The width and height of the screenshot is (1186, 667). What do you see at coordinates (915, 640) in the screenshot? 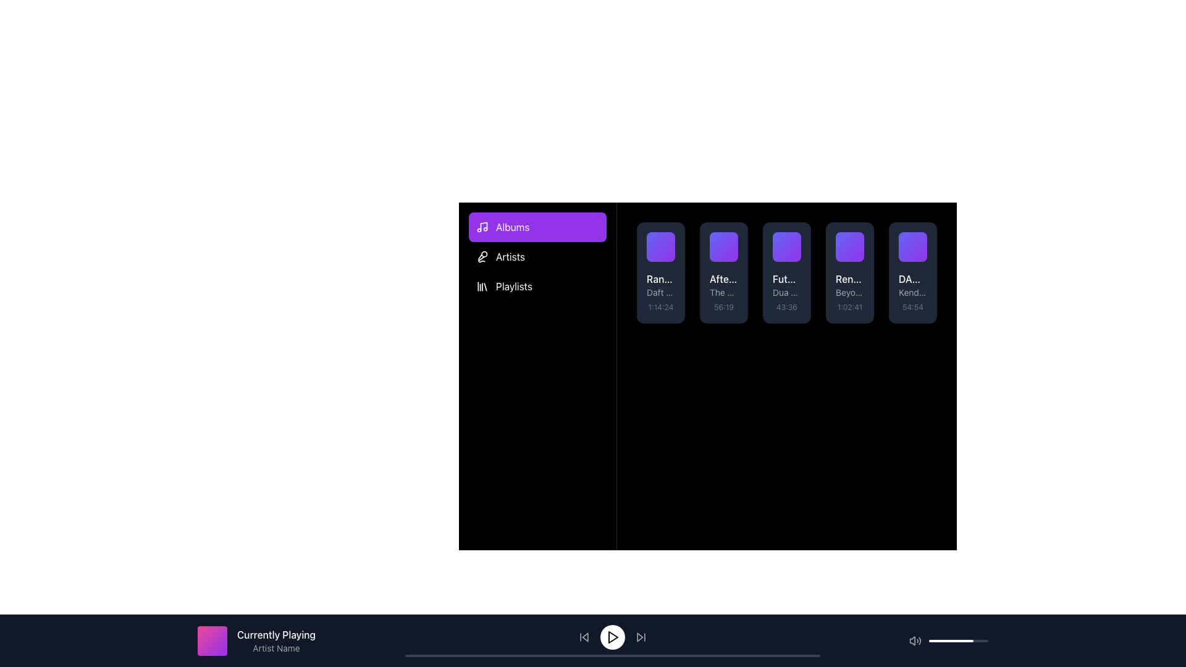
I see `the volume control icon located at the bottom left of the media control bar` at bounding box center [915, 640].